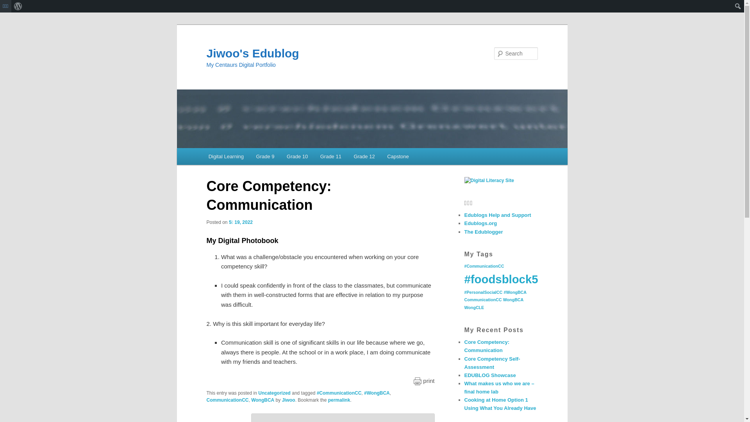 Image resolution: width=750 pixels, height=422 pixels. Describe the element at coordinates (243, 158) in the screenshot. I see `'Skip to primary content'` at that location.